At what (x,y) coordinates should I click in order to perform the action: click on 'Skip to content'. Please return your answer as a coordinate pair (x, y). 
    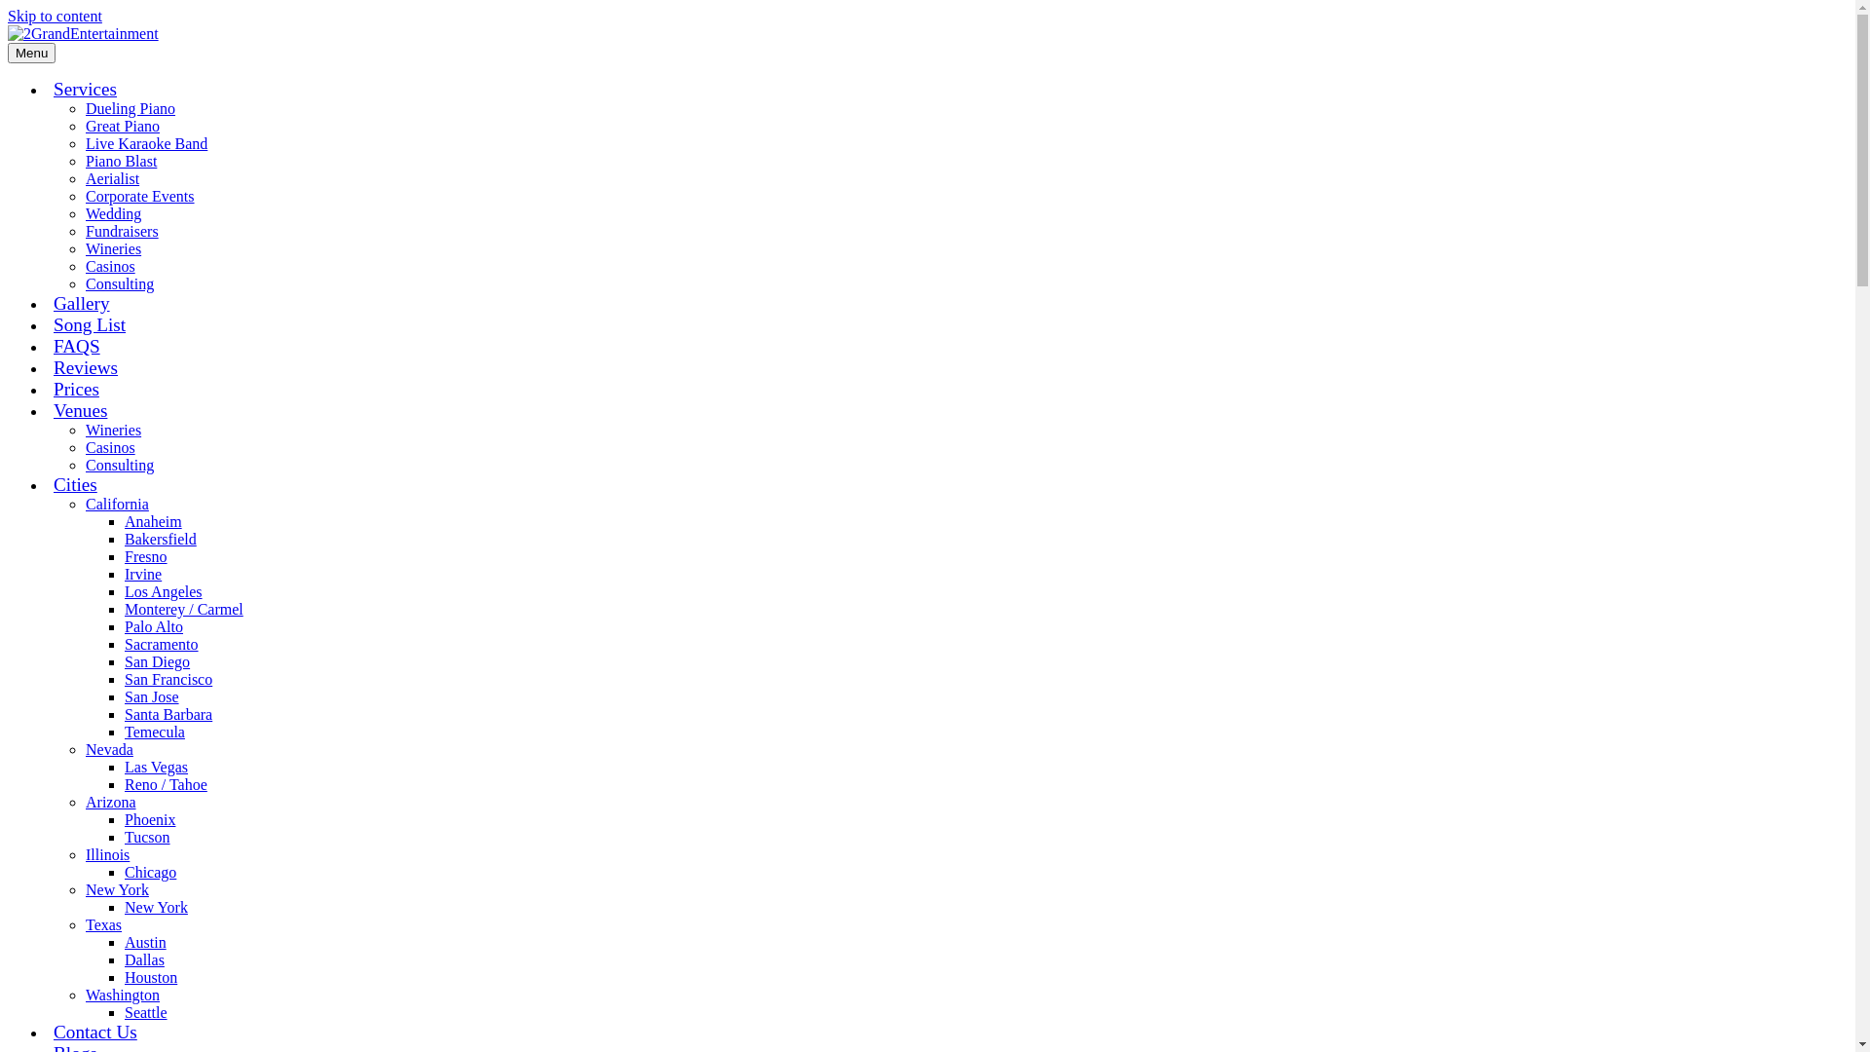
    Looking at the image, I should click on (55, 16).